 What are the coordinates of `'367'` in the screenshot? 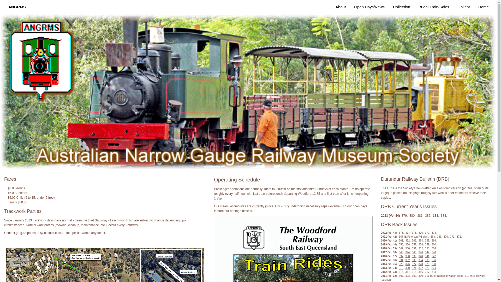 It's located at (401, 237).